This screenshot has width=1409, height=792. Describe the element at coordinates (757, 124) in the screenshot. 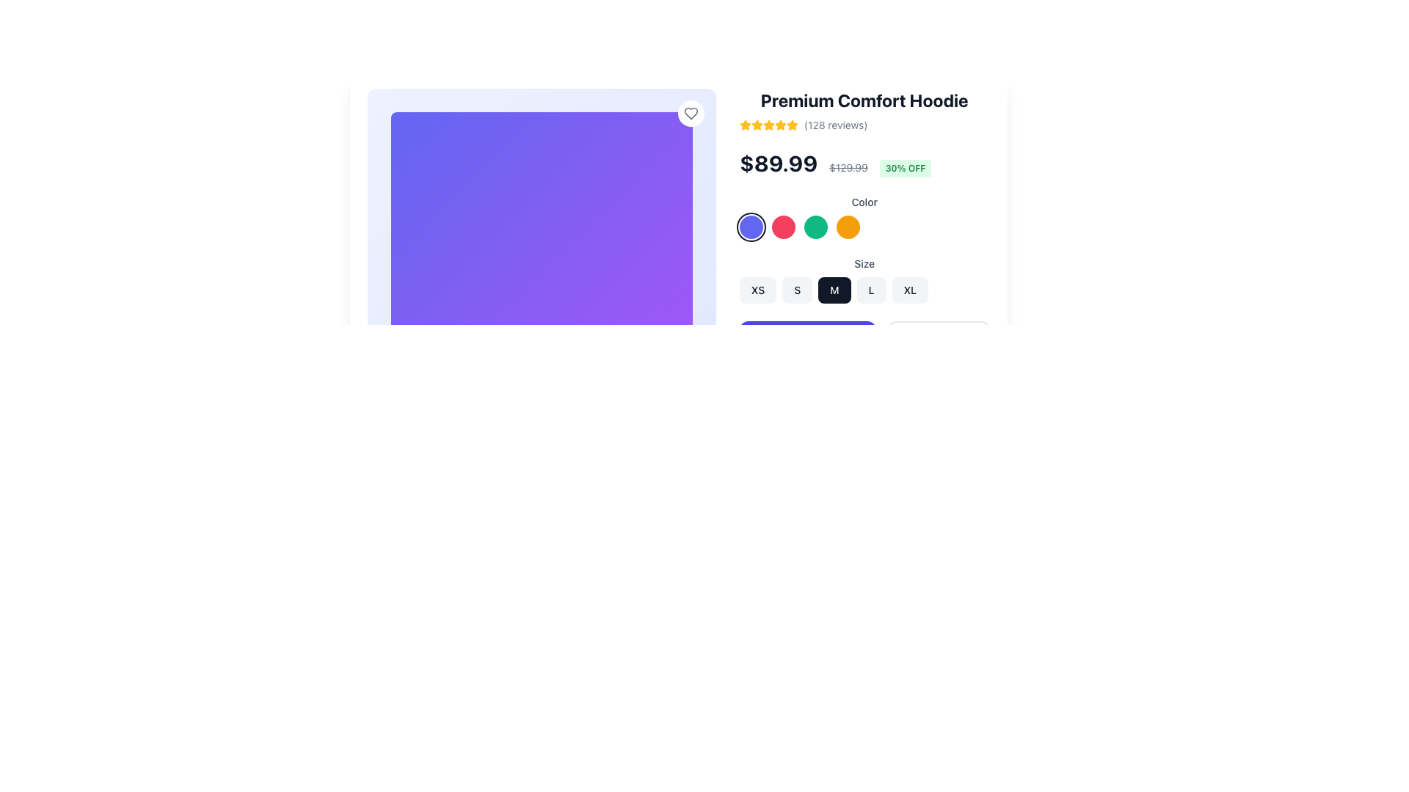

I see `the fifth star icon, which is yellow and located next to the title 'Premium Comfort Hoodie', to interact with the rating` at that location.